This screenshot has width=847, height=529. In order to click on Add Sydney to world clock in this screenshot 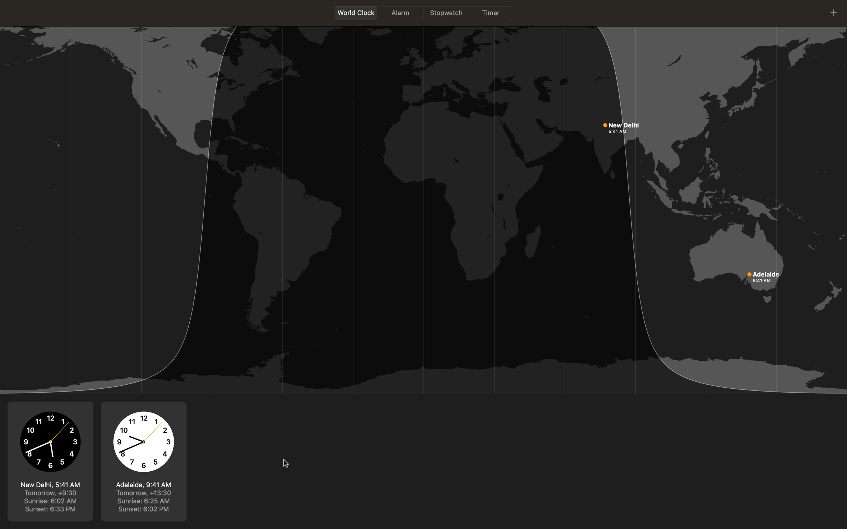, I will do `click(833, 12)`.